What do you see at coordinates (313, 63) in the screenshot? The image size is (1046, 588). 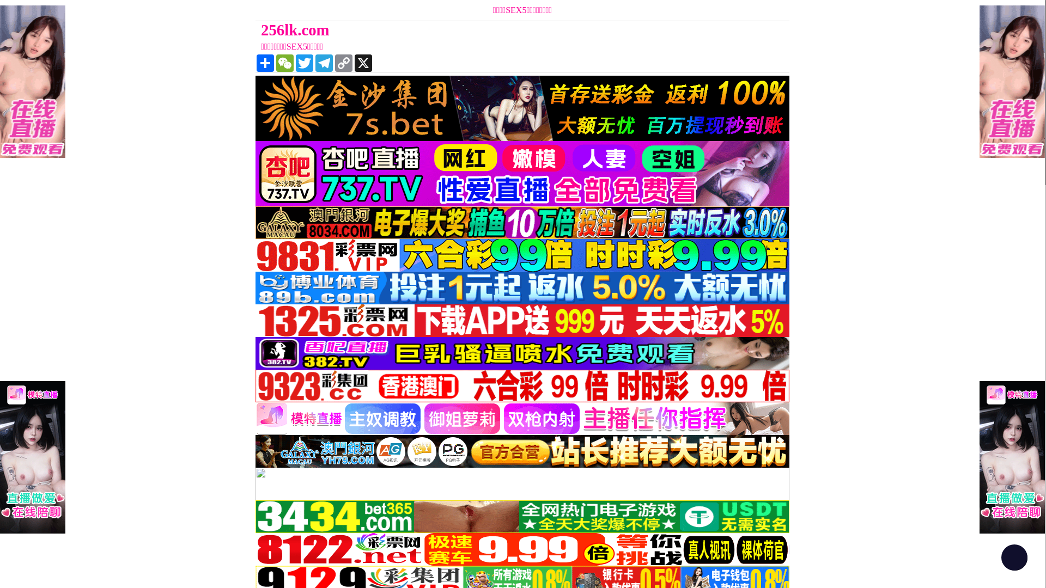 I see `'Telegram'` at bounding box center [313, 63].